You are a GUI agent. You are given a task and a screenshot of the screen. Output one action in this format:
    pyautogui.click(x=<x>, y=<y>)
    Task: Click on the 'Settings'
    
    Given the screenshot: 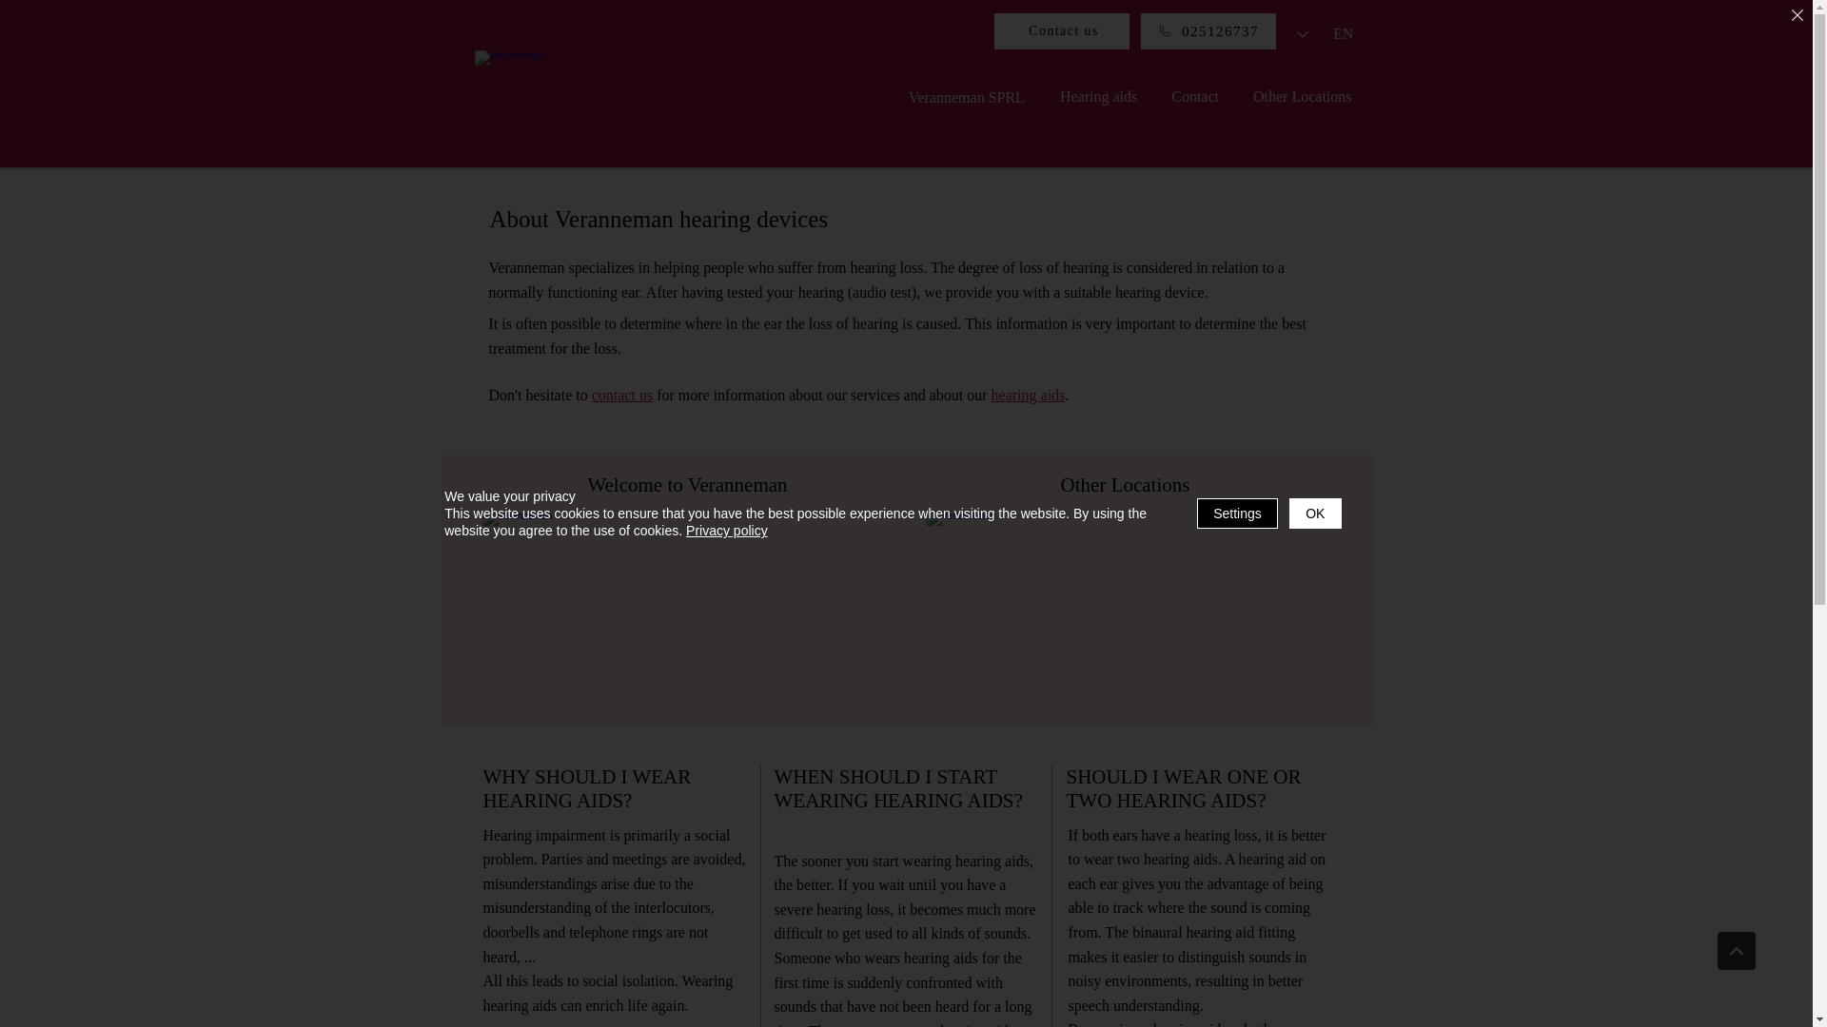 What is the action you would take?
    pyautogui.click(x=1237, y=513)
    